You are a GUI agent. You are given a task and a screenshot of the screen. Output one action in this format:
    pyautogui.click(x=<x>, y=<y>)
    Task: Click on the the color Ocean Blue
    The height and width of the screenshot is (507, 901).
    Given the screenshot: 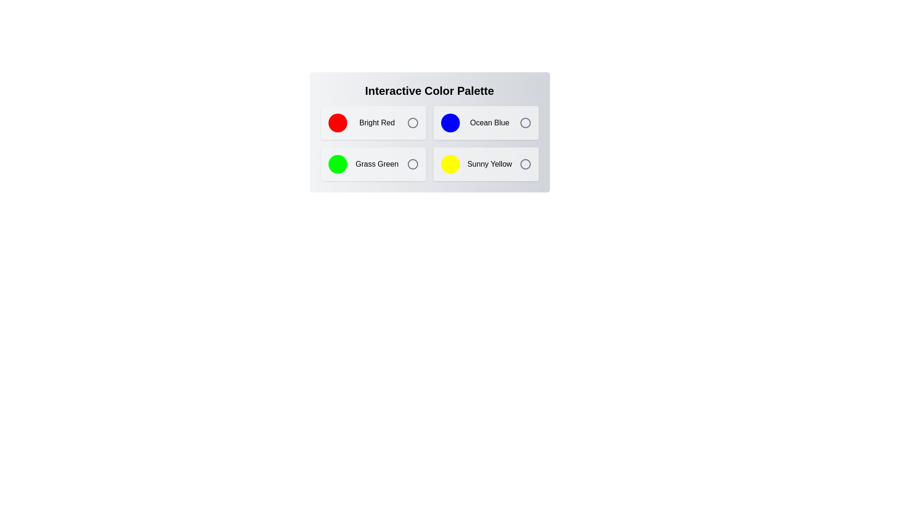 What is the action you would take?
    pyautogui.click(x=486, y=123)
    